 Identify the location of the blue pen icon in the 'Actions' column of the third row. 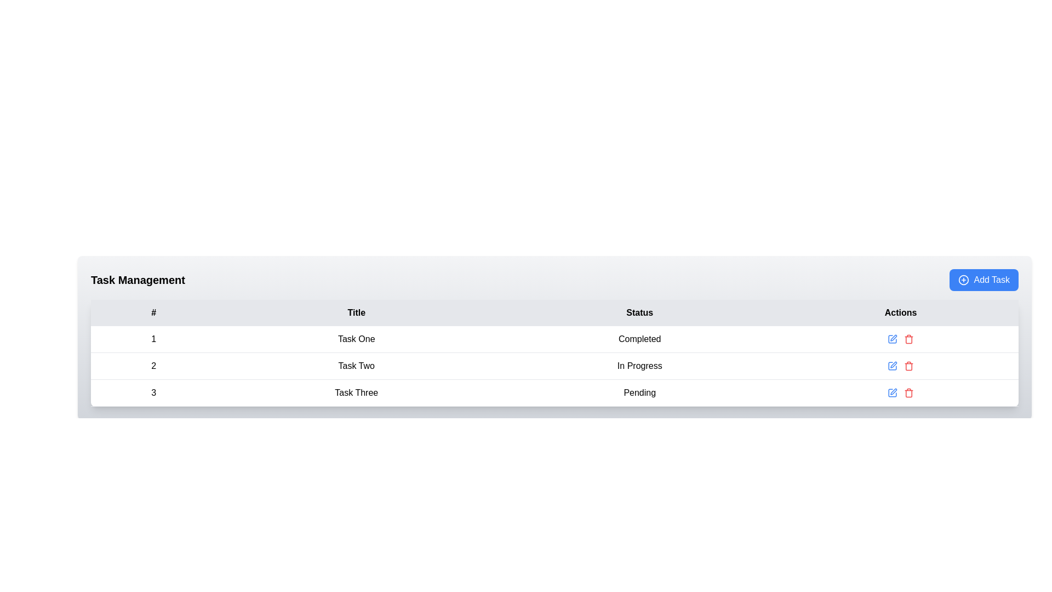
(893, 392).